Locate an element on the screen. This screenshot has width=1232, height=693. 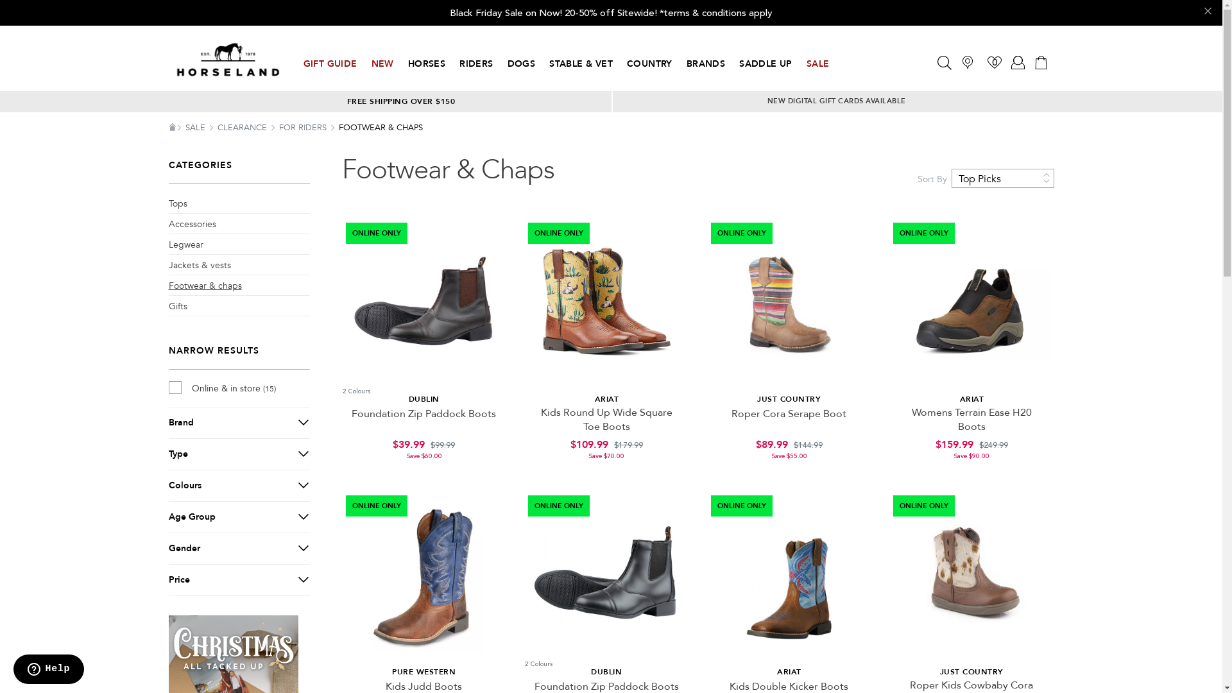
'Jackets & vests' is located at coordinates (198, 264).